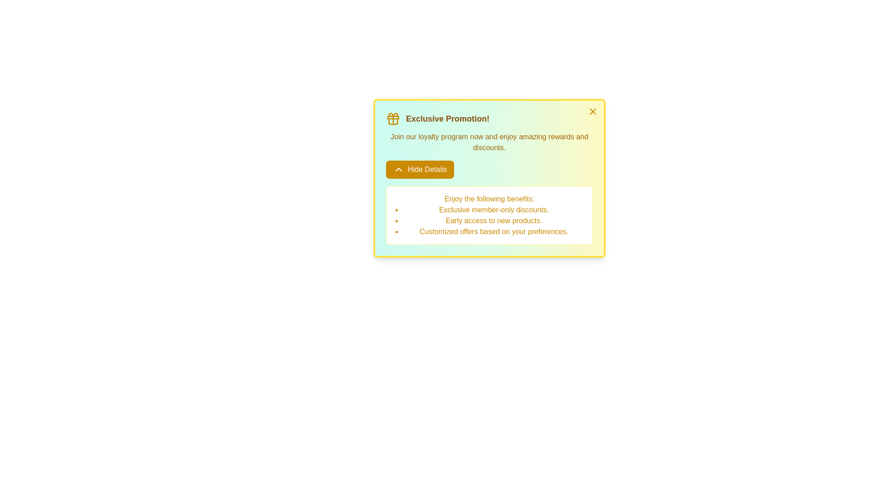 This screenshot has height=490, width=871. What do you see at coordinates (420, 170) in the screenshot?
I see `the 'Hide Details' button to toggle the visibility of additional information` at bounding box center [420, 170].